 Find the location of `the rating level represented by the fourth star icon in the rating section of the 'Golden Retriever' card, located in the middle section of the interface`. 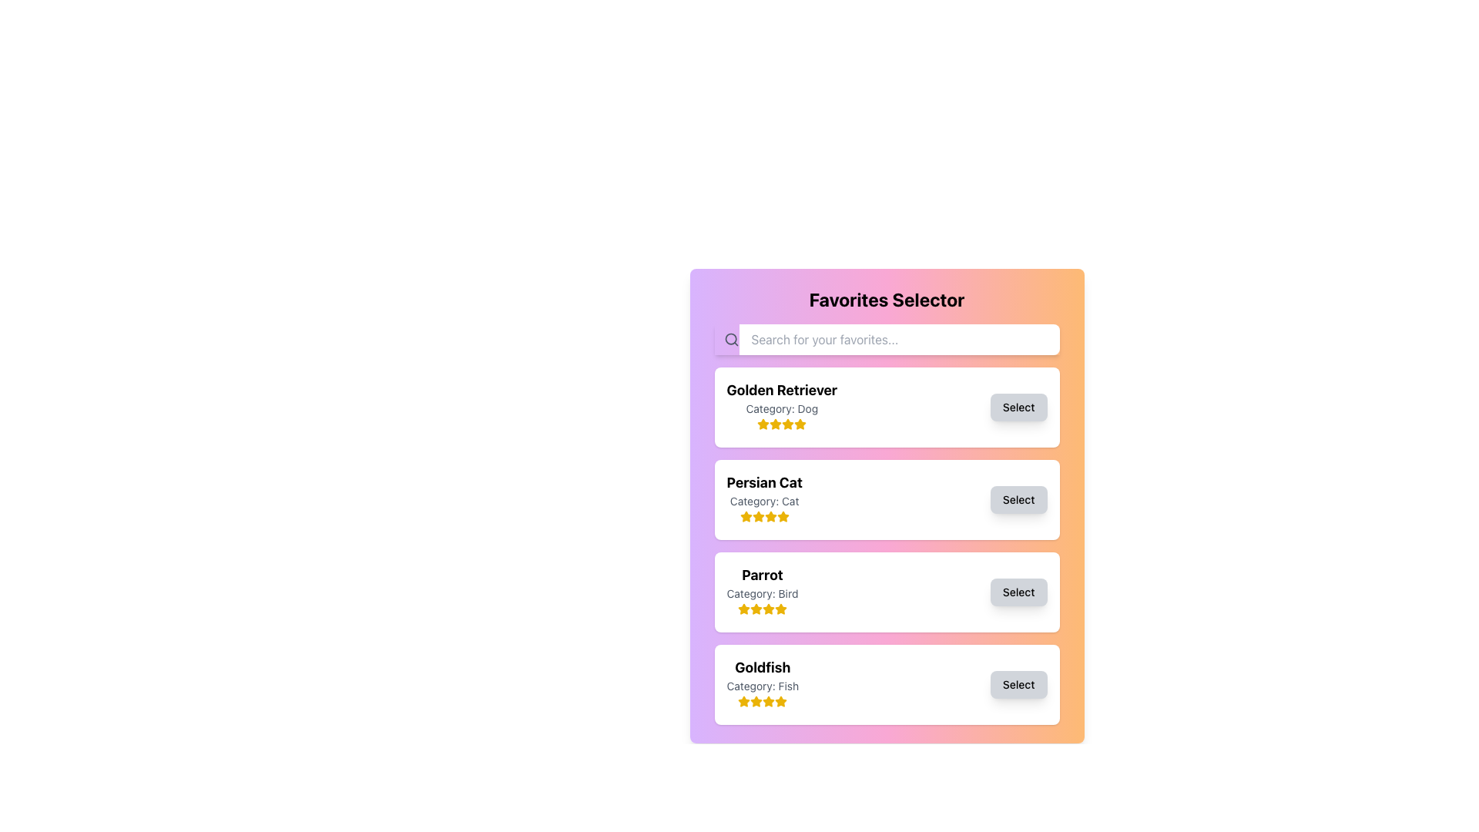

the rating level represented by the fourth star icon in the rating section of the 'Golden Retriever' card, located in the middle section of the interface is located at coordinates (788, 424).